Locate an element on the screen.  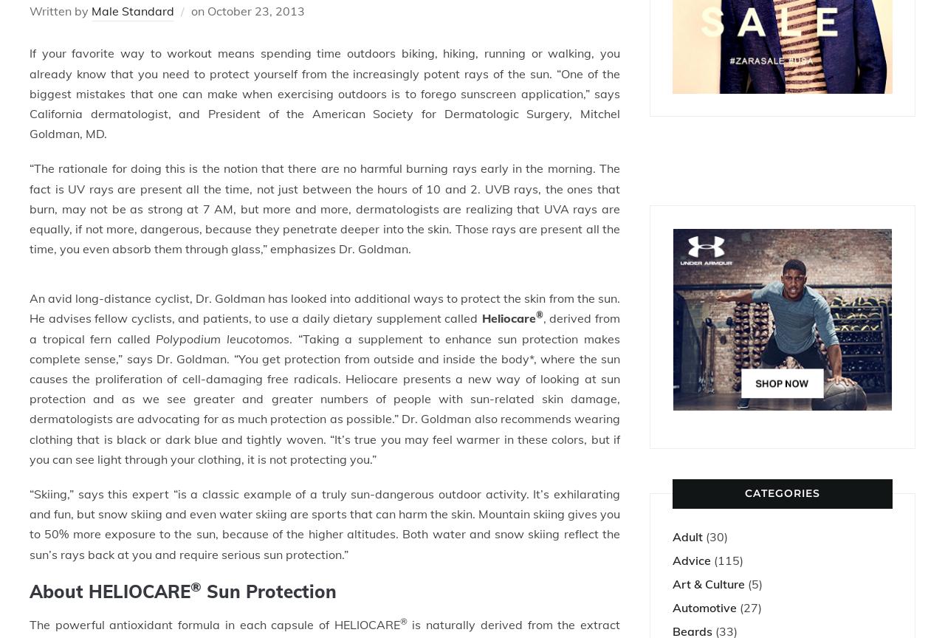
'Advice' is located at coordinates (690, 558).